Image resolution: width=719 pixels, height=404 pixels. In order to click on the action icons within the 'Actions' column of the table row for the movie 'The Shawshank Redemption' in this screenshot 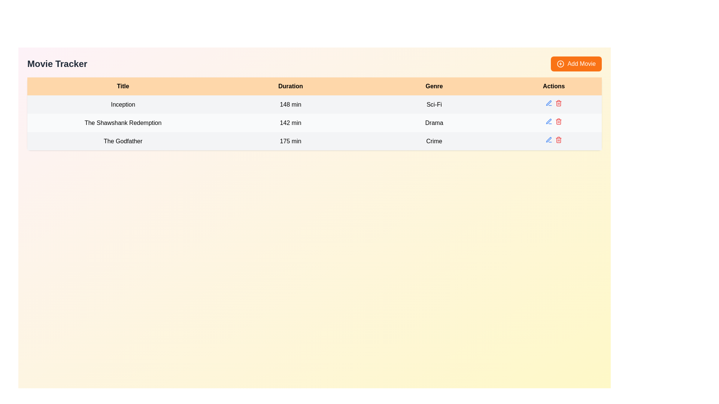, I will do `click(554, 122)`.